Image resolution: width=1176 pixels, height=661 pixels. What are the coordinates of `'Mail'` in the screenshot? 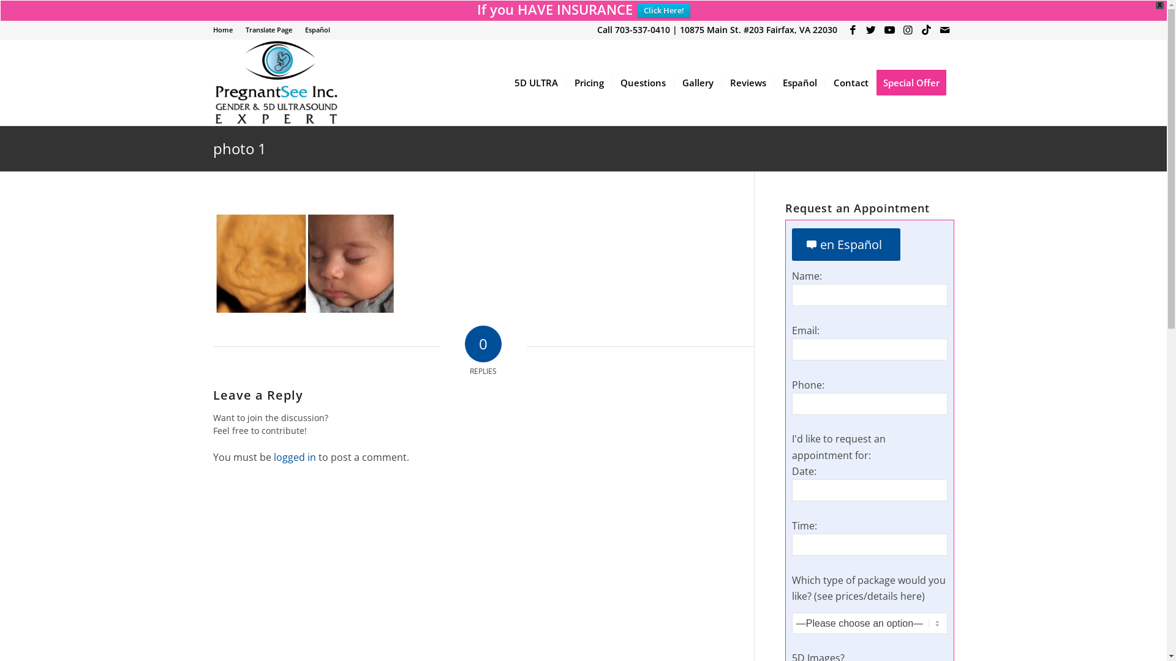 It's located at (944, 29).